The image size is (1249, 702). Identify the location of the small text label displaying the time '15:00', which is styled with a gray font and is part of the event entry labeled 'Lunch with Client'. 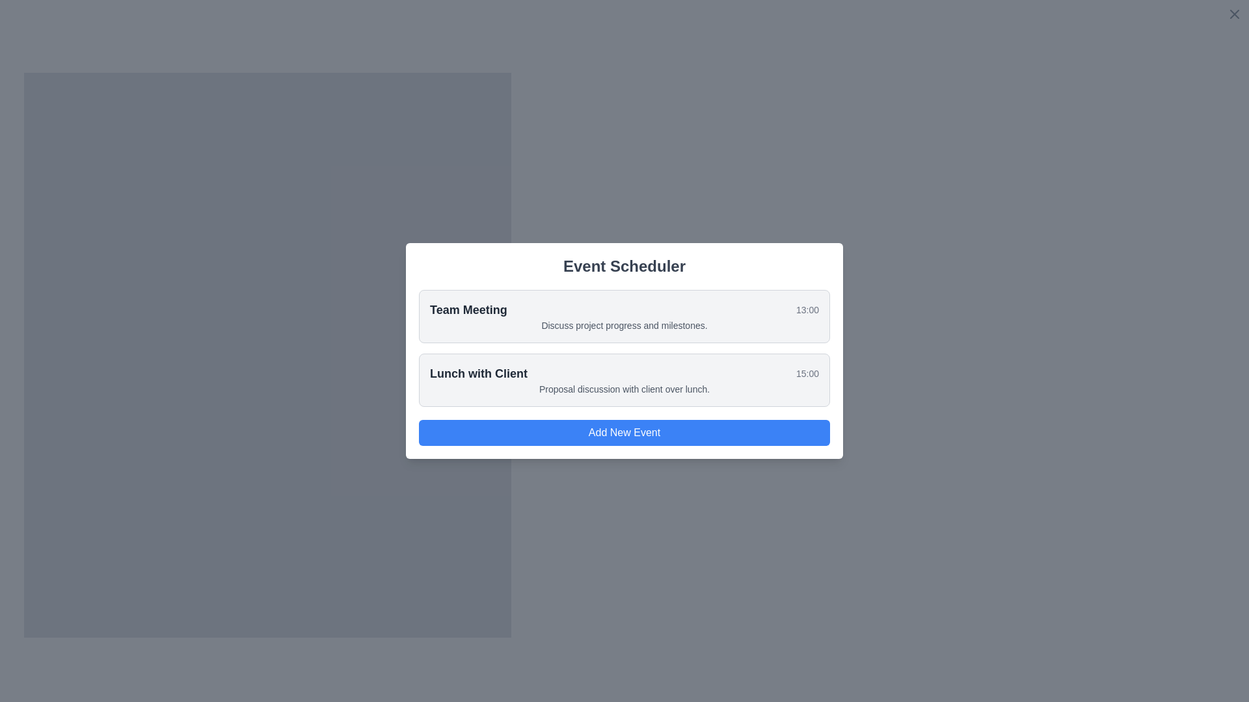
(807, 373).